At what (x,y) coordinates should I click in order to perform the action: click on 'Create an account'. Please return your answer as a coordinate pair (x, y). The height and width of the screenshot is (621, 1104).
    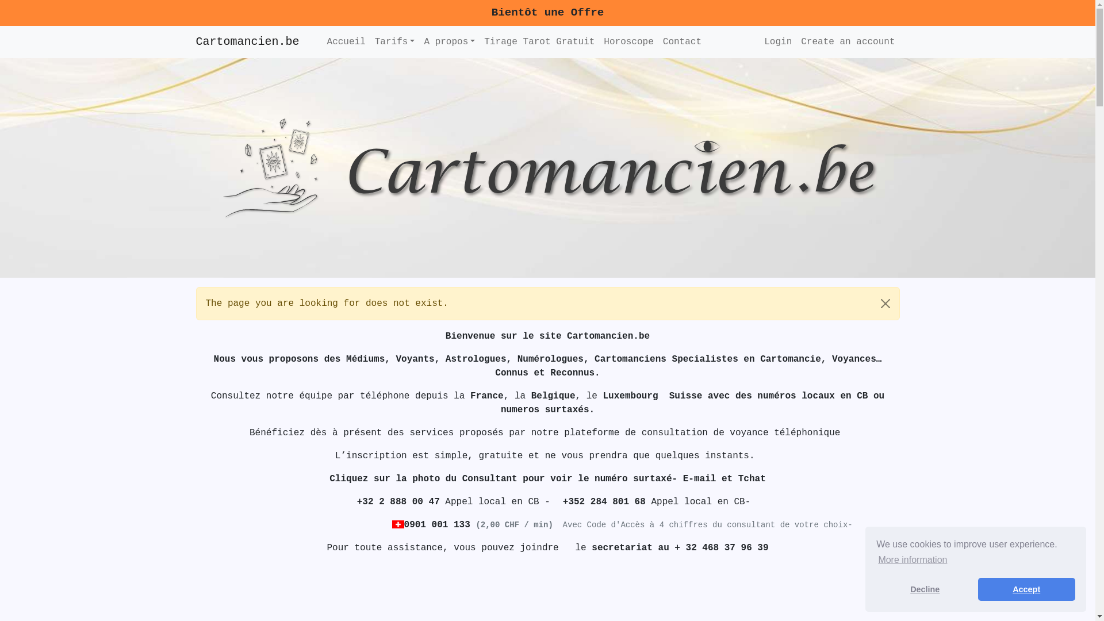
    Looking at the image, I should click on (848, 41).